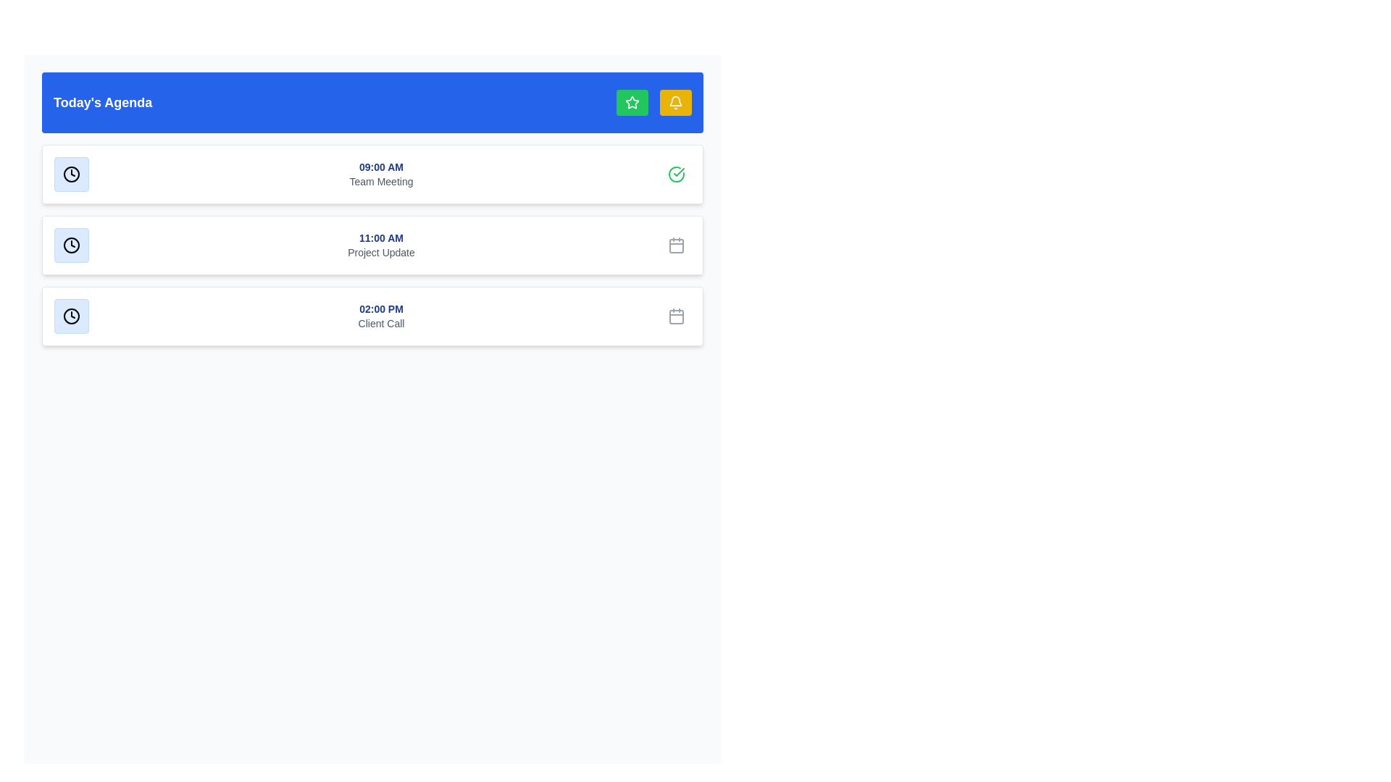 The image size is (1391, 782). What do you see at coordinates (381, 315) in the screenshot?
I see `displayed information from the label showing '02:00 PM' in bold blue text and 'Client Call' in lighter gray text, located under the 'Today's Agenda' section` at bounding box center [381, 315].